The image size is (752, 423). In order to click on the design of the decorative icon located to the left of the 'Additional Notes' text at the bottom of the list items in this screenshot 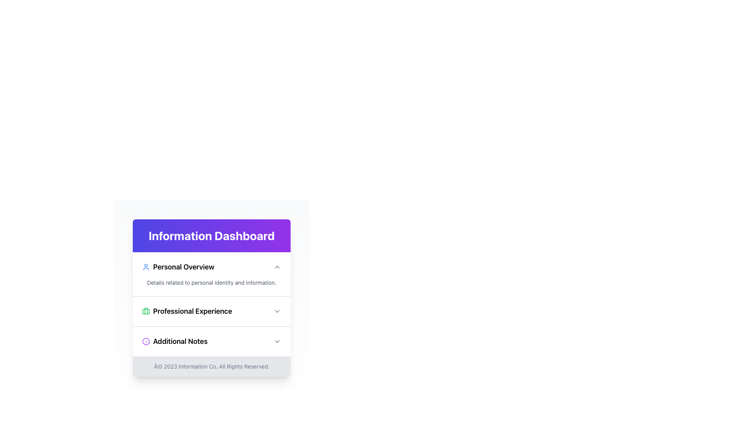, I will do `click(146, 341)`.